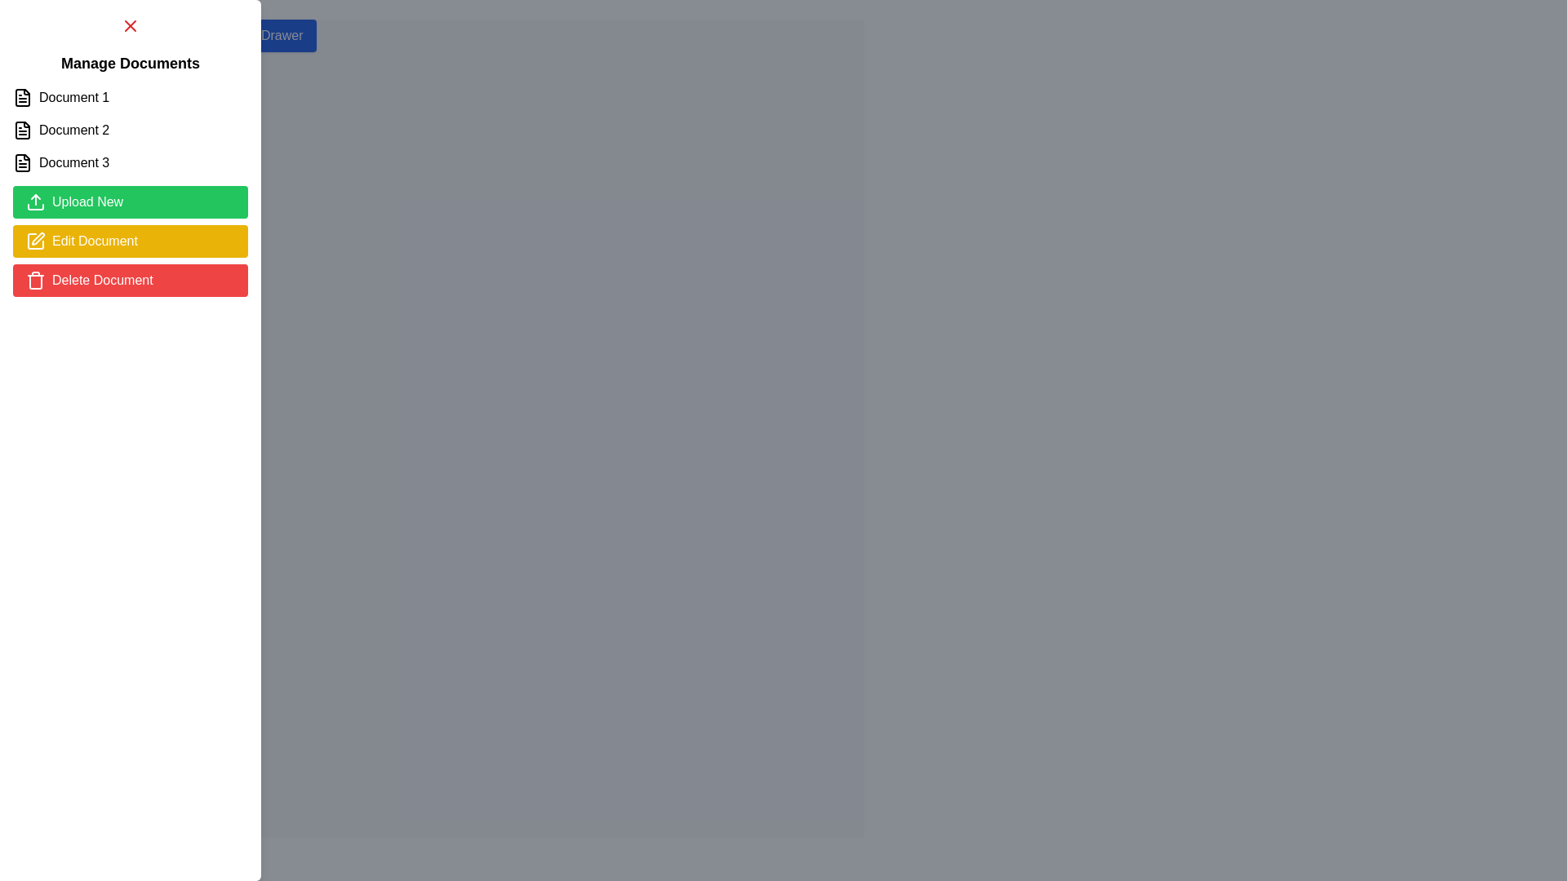 This screenshot has height=881, width=1567. What do you see at coordinates (129, 129) in the screenshot?
I see `the list item labeled 'Document 2'` at bounding box center [129, 129].